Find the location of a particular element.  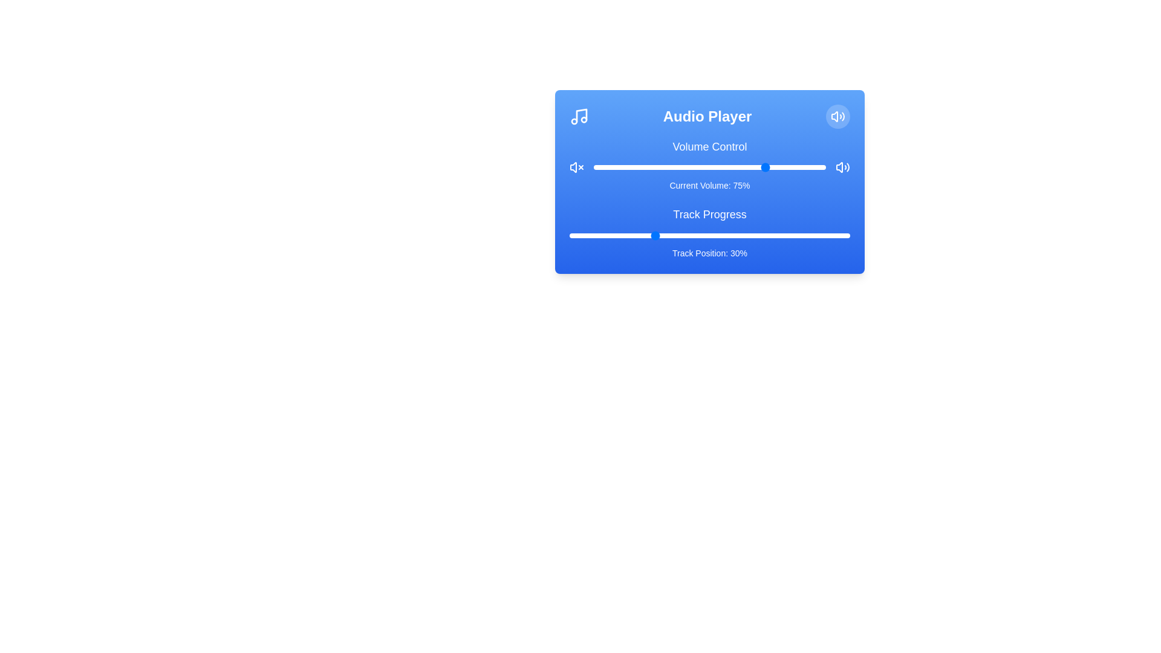

volume is located at coordinates (596, 165).